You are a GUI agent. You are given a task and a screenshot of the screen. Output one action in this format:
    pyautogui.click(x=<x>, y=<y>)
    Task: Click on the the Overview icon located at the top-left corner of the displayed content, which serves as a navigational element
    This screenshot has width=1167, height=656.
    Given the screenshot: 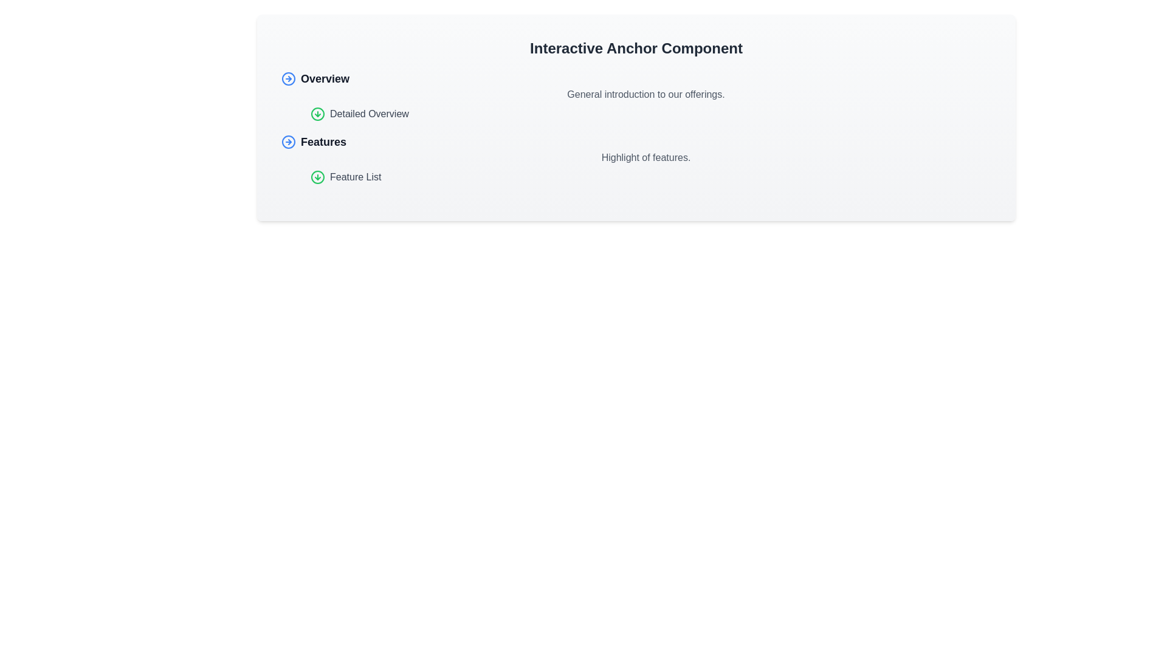 What is the action you would take?
    pyautogui.click(x=288, y=79)
    